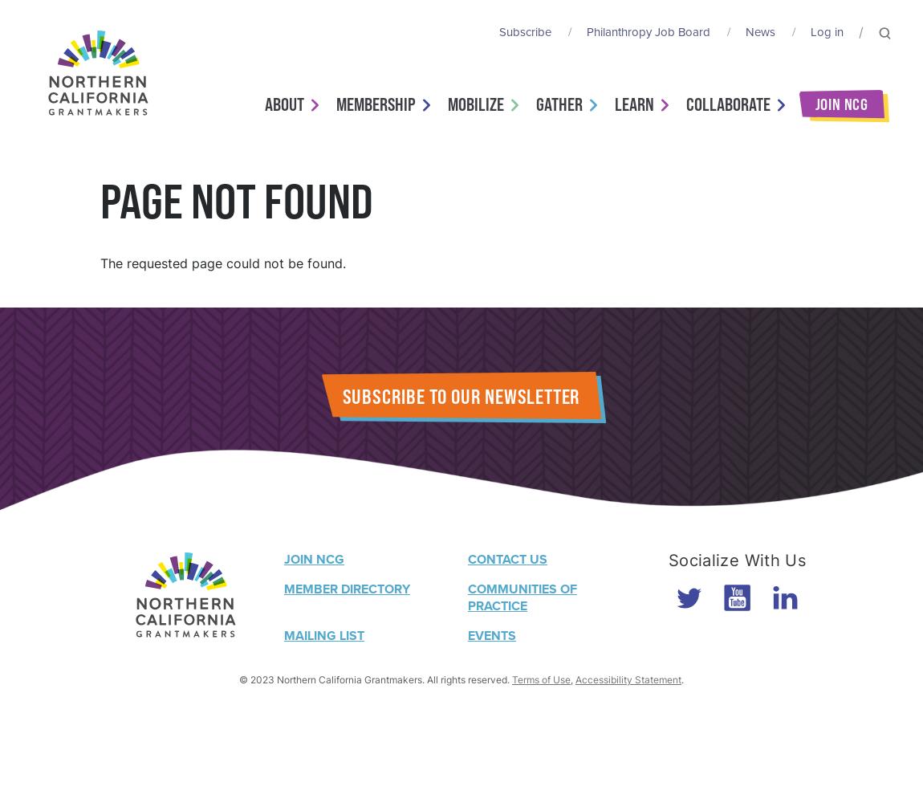 Image resolution: width=923 pixels, height=803 pixels. What do you see at coordinates (572, 679) in the screenshot?
I see `','` at bounding box center [572, 679].